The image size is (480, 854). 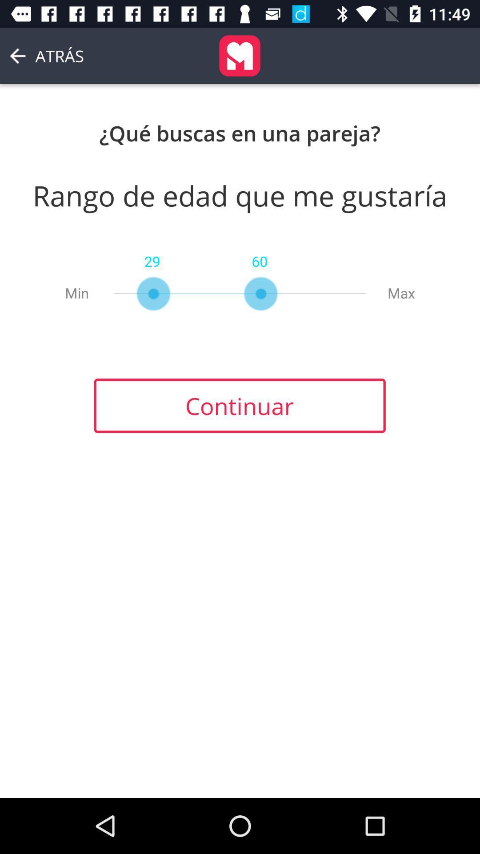 What do you see at coordinates (239, 405) in the screenshot?
I see `item at the center` at bounding box center [239, 405].